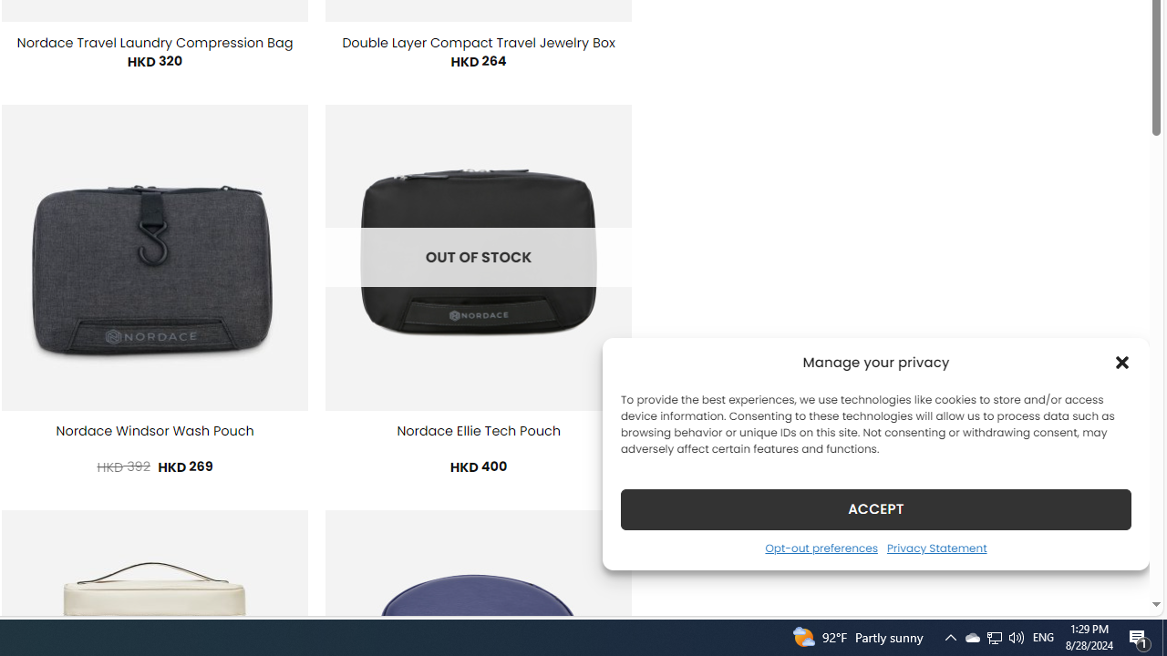 The image size is (1167, 656). Describe the element at coordinates (1121, 362) in the screenshot. I see `'Class: cmplz-close'` at that location.